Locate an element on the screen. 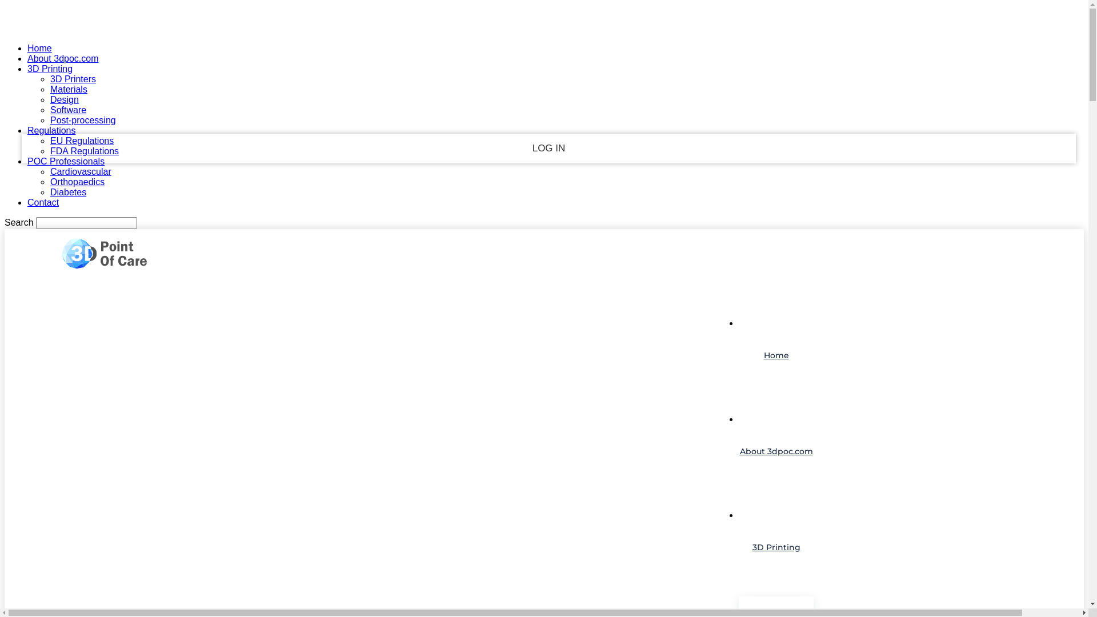 This screenshot has width=1097, height=617. 'Home' is located at coordinates (776, 354).